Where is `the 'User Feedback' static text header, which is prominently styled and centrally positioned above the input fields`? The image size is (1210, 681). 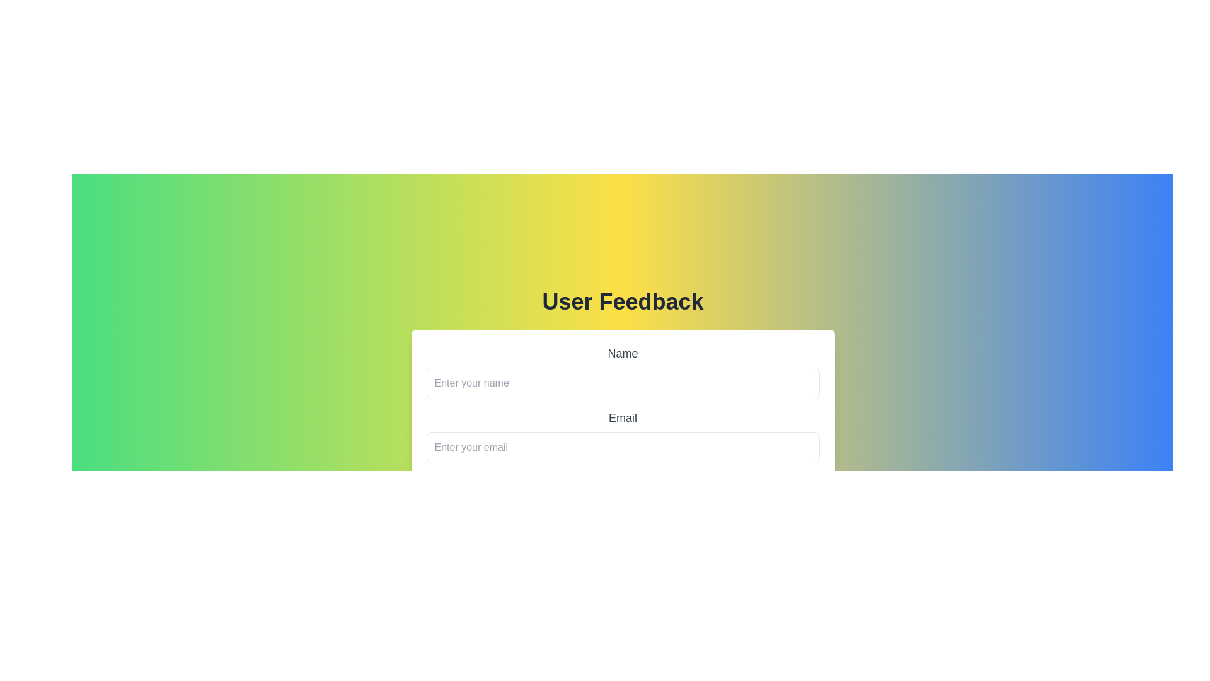
the 'User Feedback' static text header, which is prominently styled and centrally positioned above the input fields is located at coordinates (623, 301).